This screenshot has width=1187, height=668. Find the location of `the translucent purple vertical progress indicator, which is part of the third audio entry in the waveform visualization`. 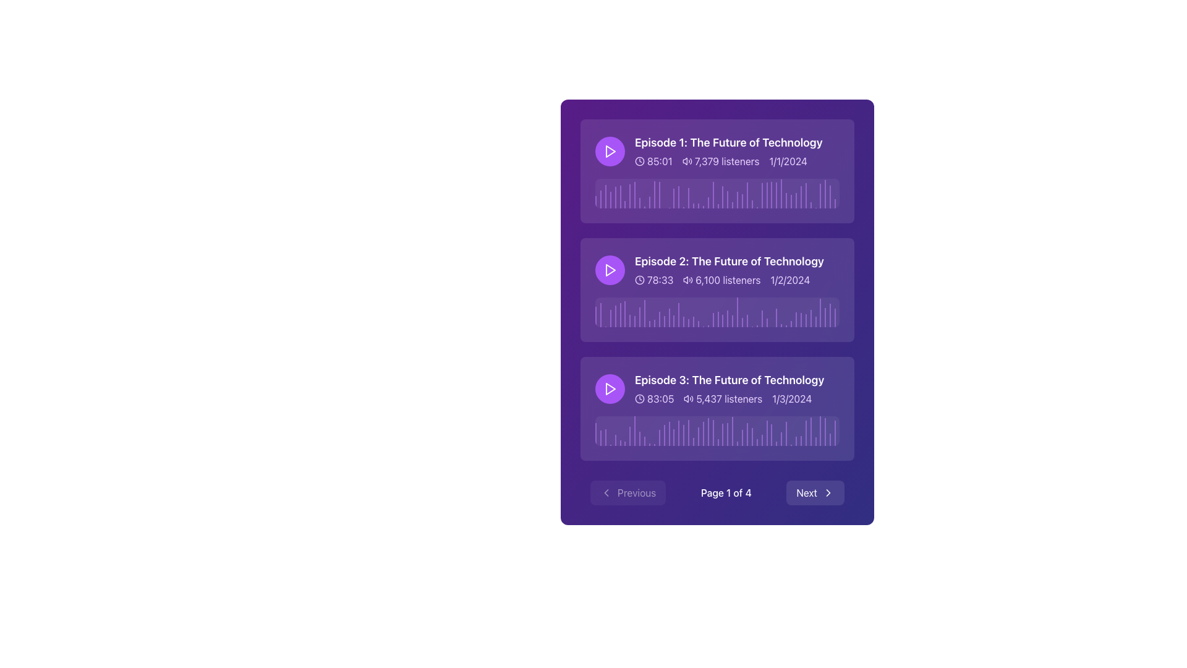

the translucent purple vertical progress indicator, which is part of the third audio entry in the waveform visualization is located at coordinates (688, 432).